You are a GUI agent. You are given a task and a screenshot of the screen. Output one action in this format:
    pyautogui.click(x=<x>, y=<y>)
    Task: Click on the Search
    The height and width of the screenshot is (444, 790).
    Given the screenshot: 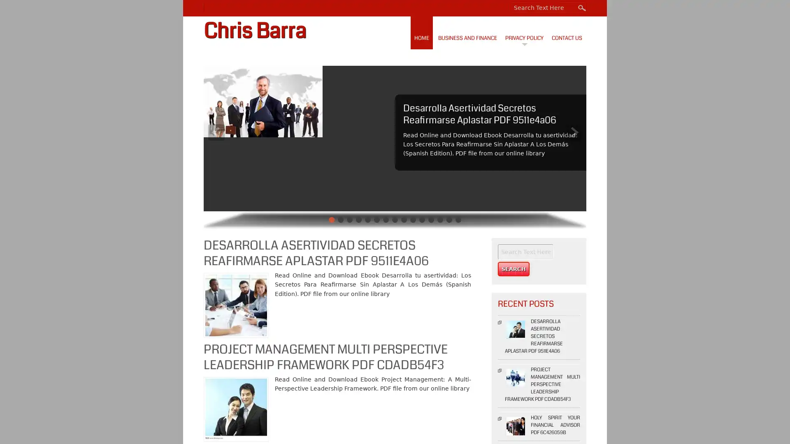 What is the action you would take?
    pyautogui.click(x=513, y=269)
    